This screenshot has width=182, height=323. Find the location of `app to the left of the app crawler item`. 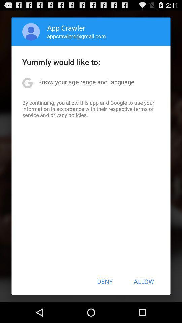

app to the left of the app crawler item is located at coordinates (31, 32).